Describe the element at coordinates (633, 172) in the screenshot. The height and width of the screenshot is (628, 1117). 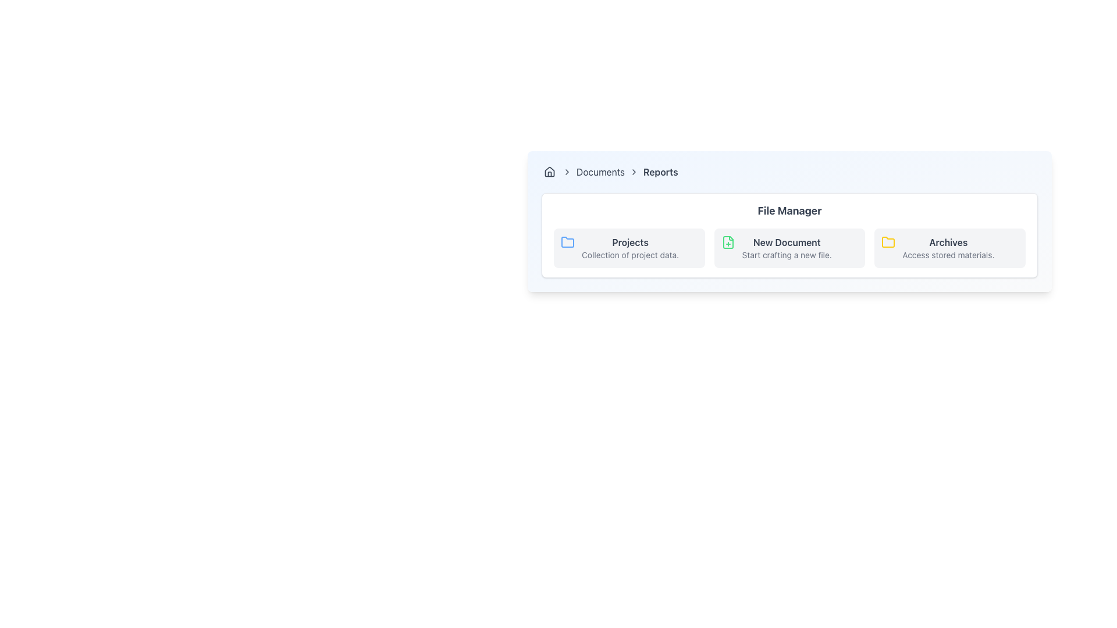
I see `the chevron icon that separates 'Documents' and 'Reports' in the breadcrumb navigation bar` at that location.